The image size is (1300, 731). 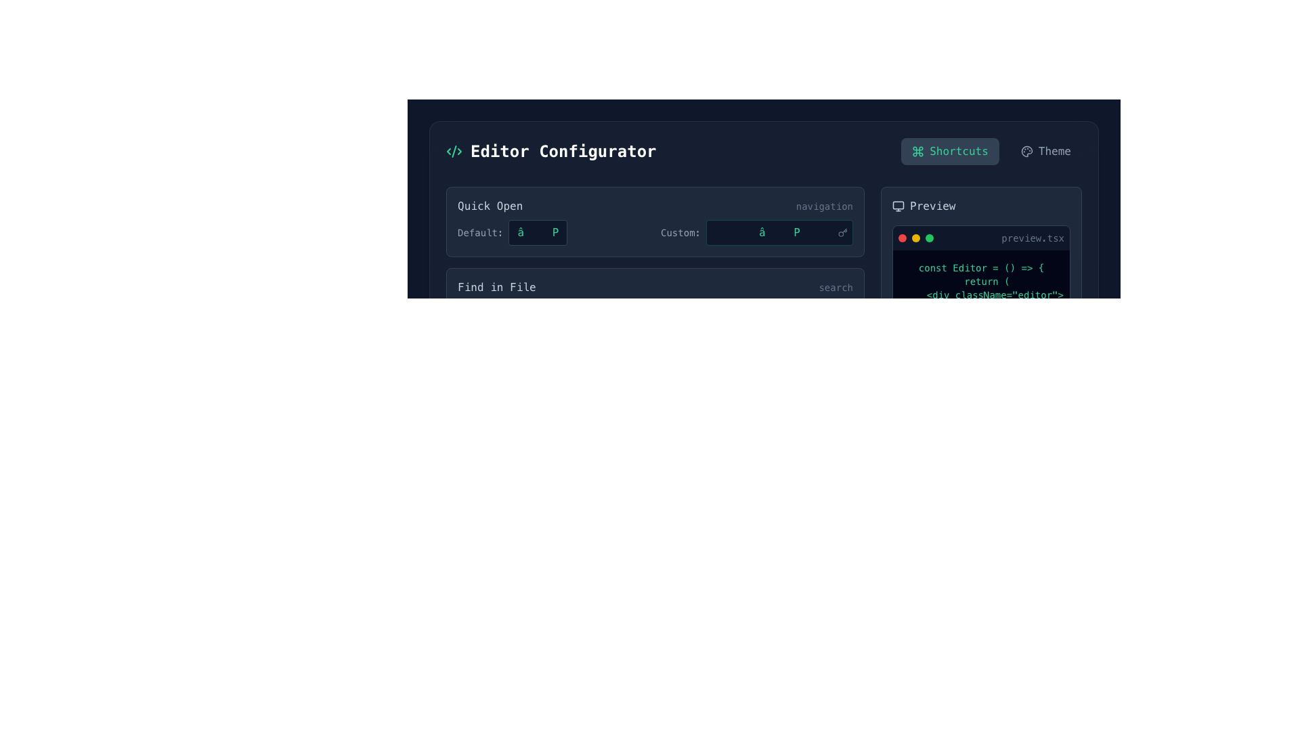 I want to click on the Code editor panel displaying the code snippet 'const Editor = () => { return ( <div className="editor"> // Your code here </div> ); };' which is under the header 'preview.tsx', so click(x=981, y=302).